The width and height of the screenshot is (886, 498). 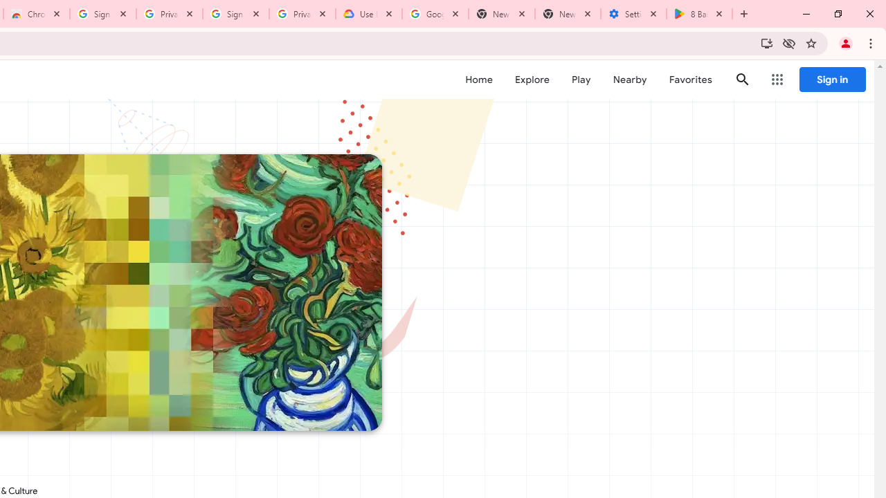 I want to click on 'Settings - System', so click(x=633, y=14).